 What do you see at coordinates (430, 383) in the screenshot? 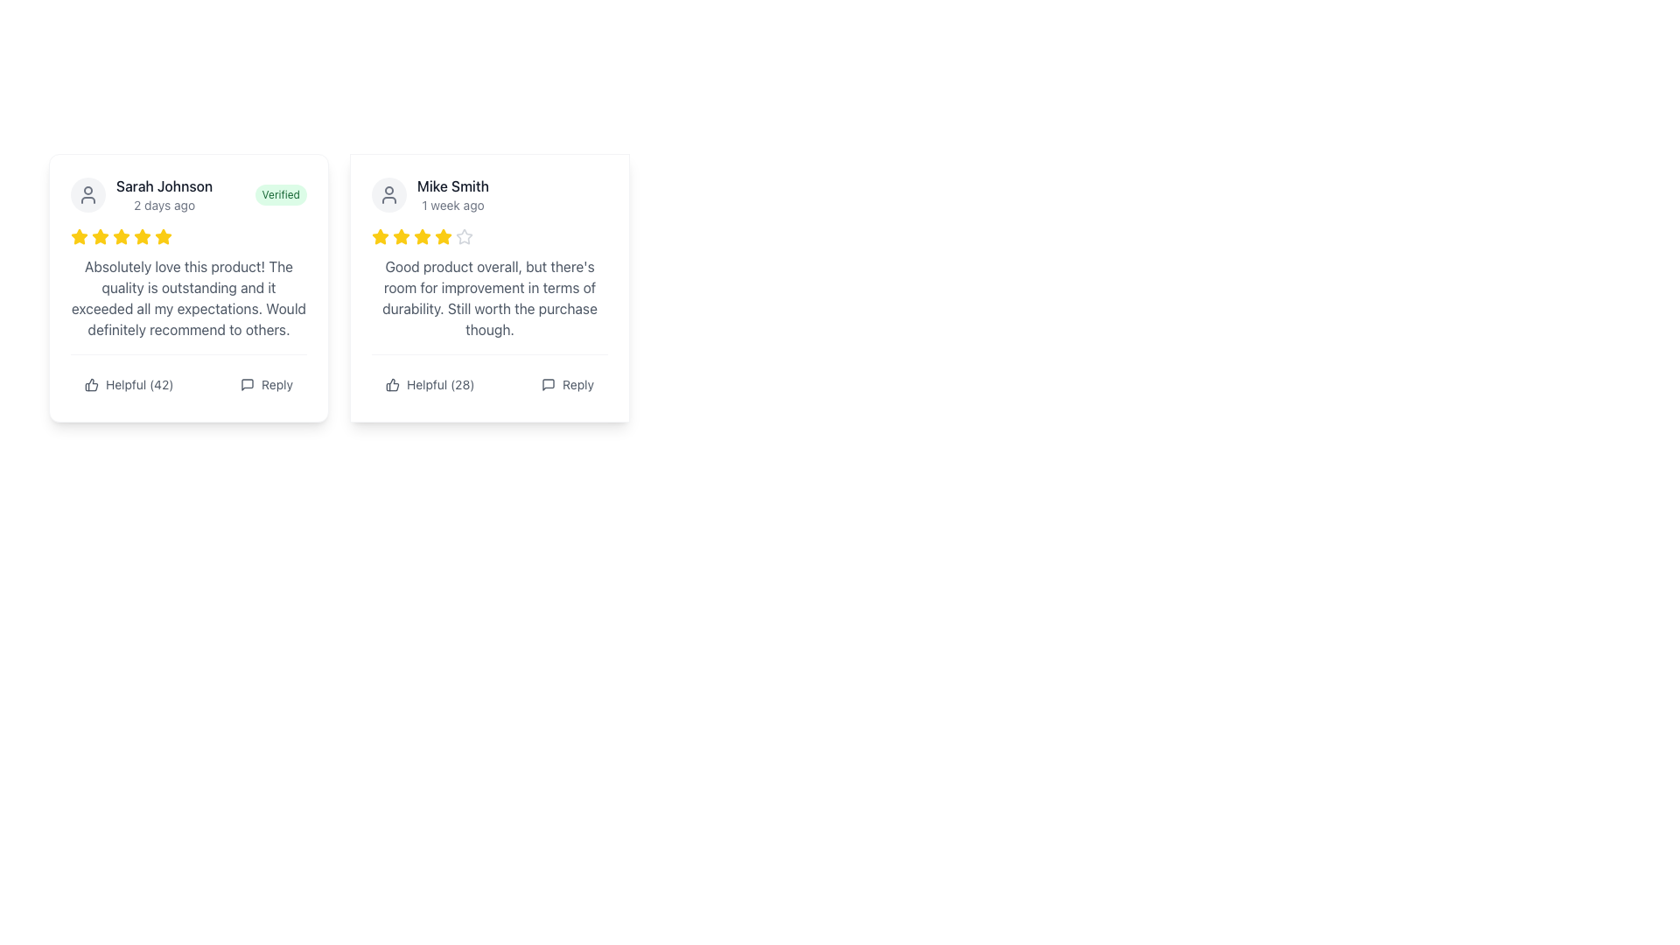
I see `'Helpful (28)' button, which is styled with a light gray background and contains a thumbs-up icon, positioned under the review text provided by 'Mike Smith'` at bounding box center [430, 383].